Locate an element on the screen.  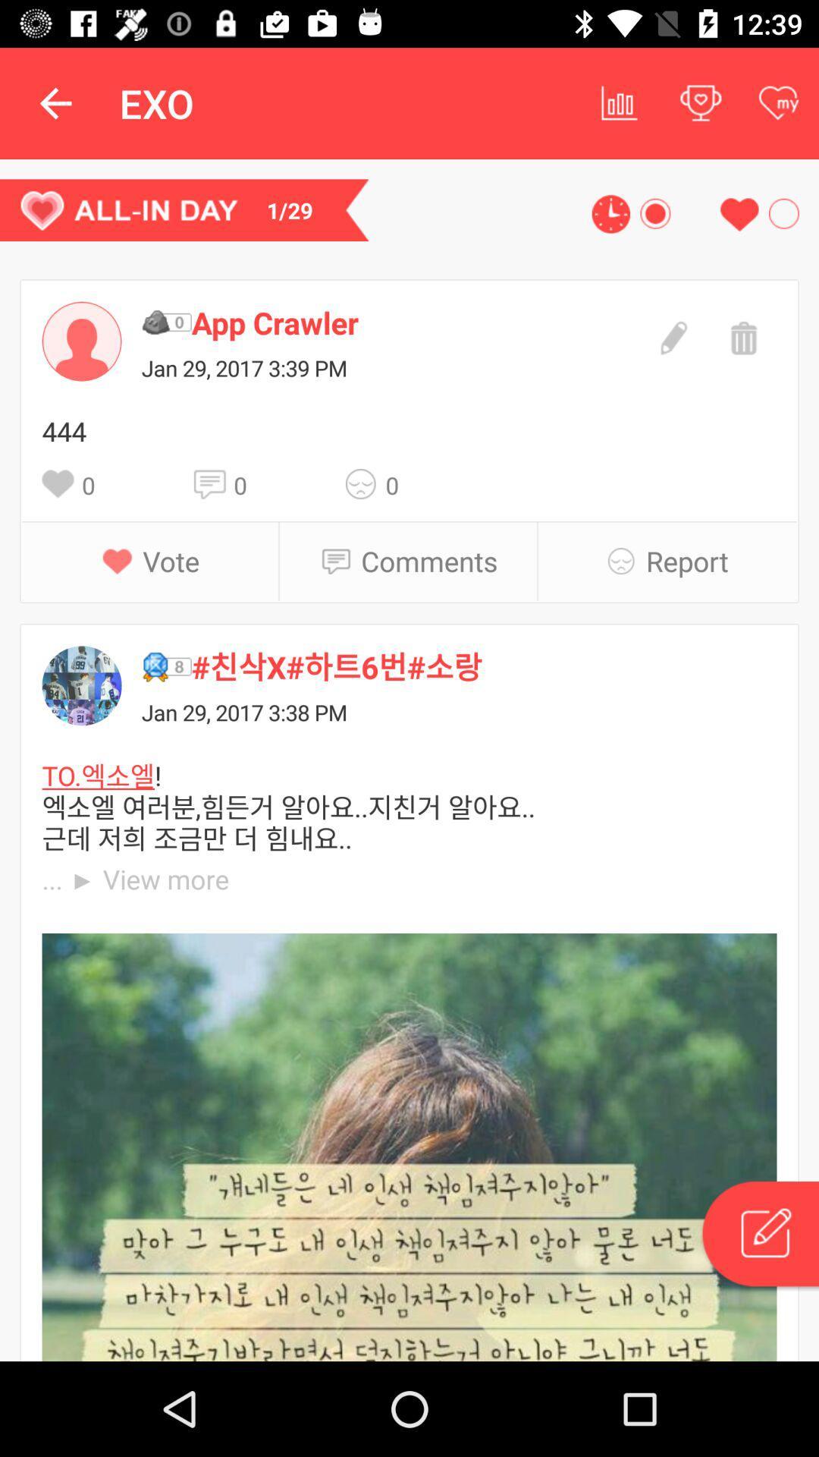
write post is located at coordinates (759, 1236).